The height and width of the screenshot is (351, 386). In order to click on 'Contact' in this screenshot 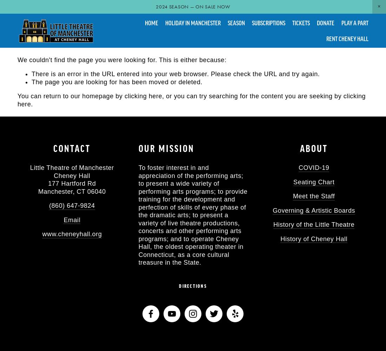, I will do `click(72, 148)`.